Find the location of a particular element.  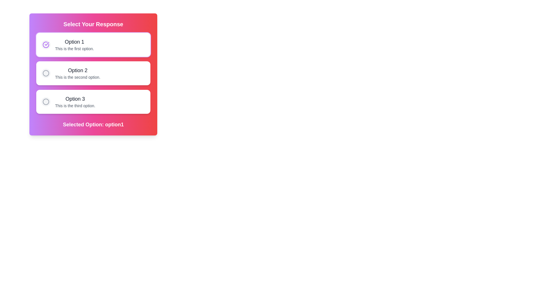

the circular indicator to the left of 'Option 2' in the vertical list of choices is located at coordinates (46, 73).